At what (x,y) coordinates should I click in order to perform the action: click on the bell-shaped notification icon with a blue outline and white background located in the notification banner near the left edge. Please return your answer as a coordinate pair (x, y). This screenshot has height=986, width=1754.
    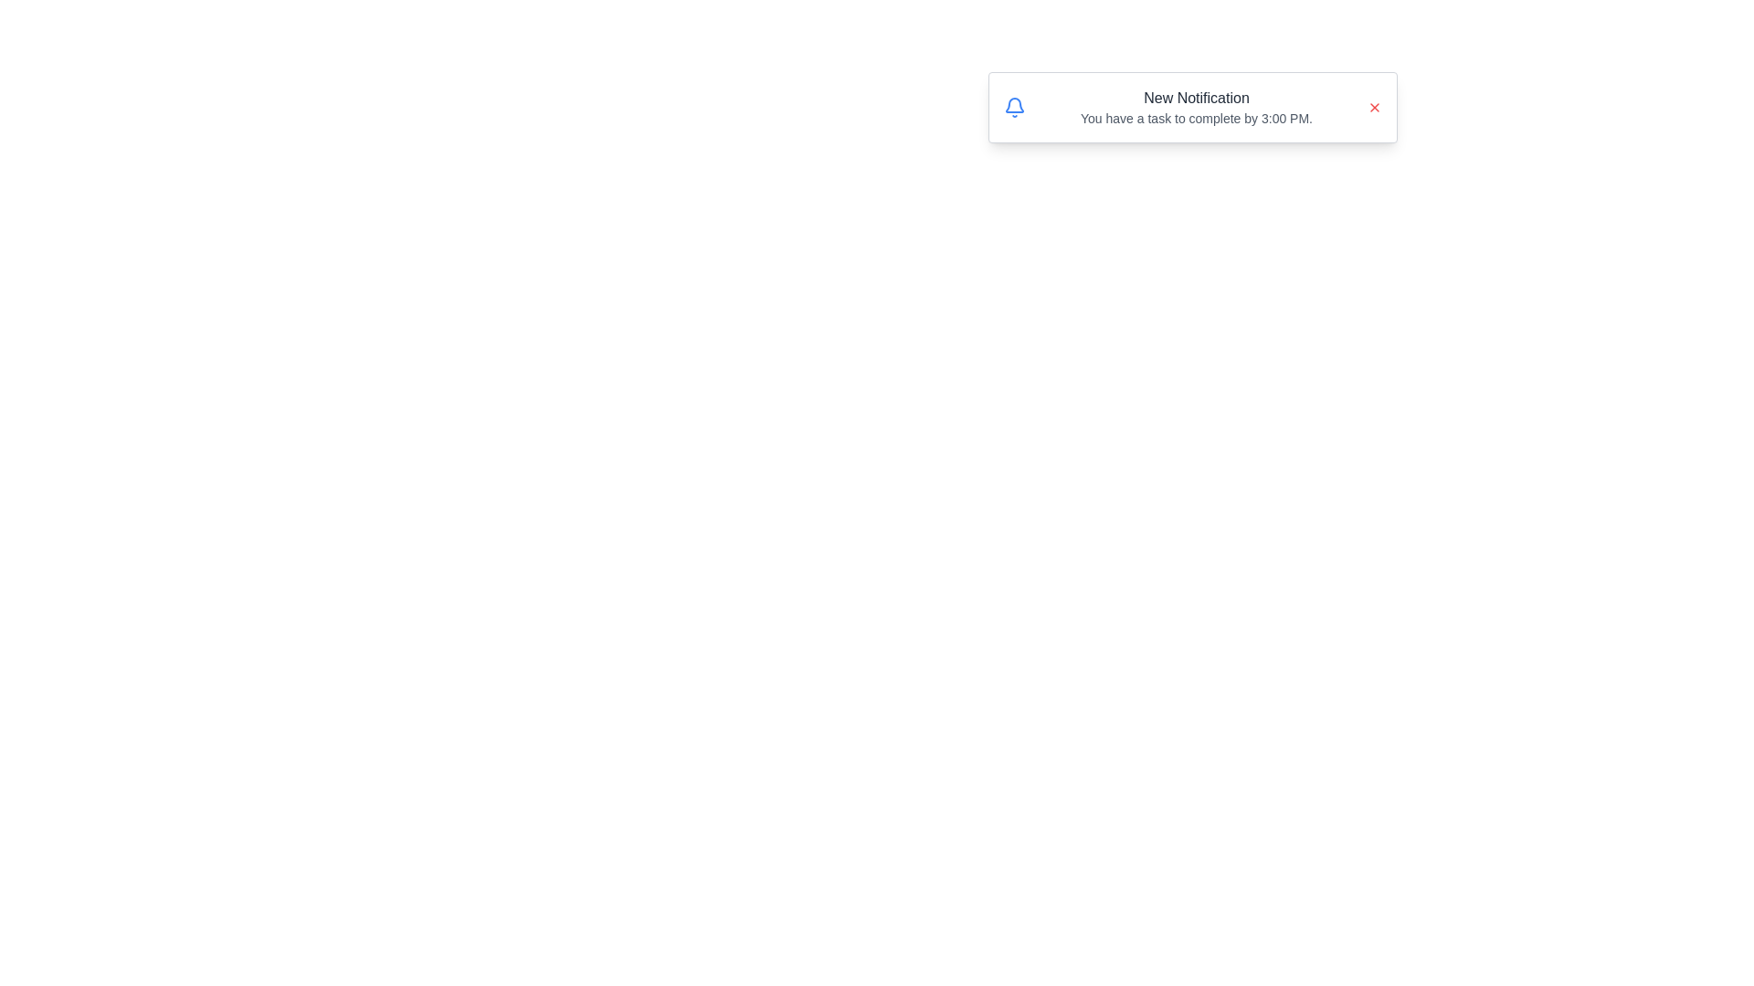
    Looking at the image, I should click on (1013, 105).